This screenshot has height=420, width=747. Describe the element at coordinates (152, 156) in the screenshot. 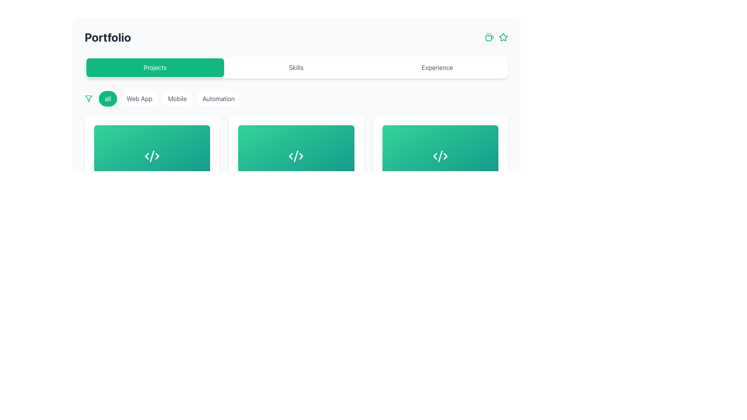

I see `the decorative header section of the card related to programming or coding, which is part of the 'E-commerce Platform' section and is the first card in a horizontal row of three similar cards` at that location.